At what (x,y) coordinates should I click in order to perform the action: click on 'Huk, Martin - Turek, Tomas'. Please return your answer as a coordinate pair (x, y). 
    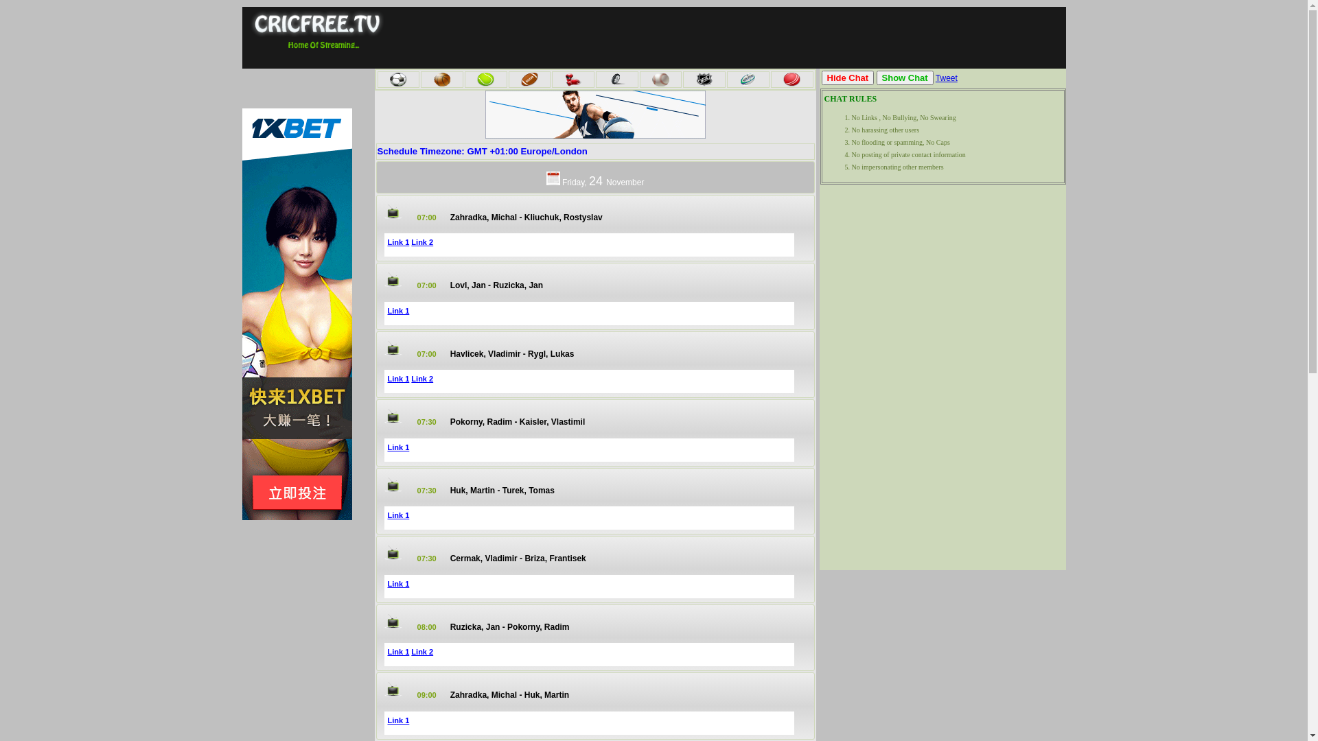
    Looking at the image, I should click on (450, 489).